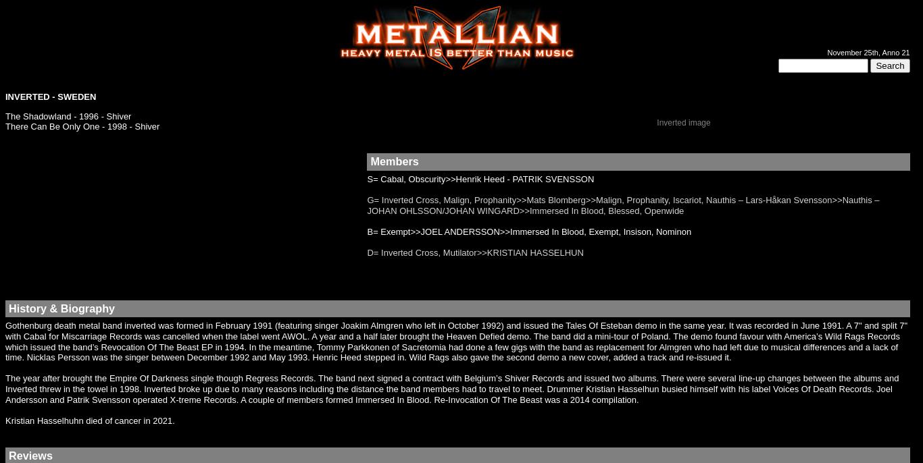 This screenshot has height=463, width=923. I want to click on 'The Shadowland - 1996 - Shiver', so click(5, 115).